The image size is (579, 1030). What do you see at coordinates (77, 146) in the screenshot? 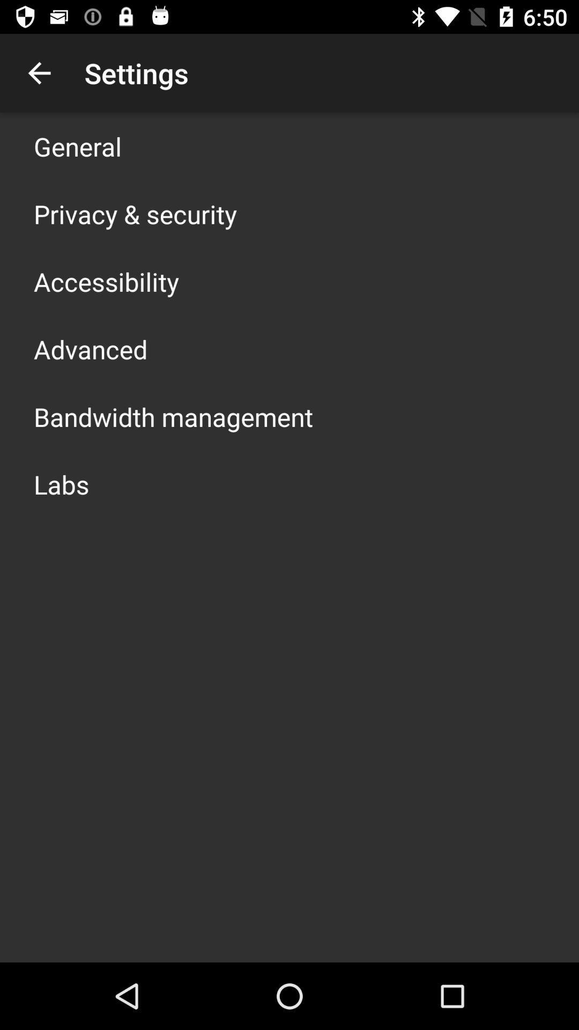
I see `the item above privacy & security icon` at bounding box center [77, 146].